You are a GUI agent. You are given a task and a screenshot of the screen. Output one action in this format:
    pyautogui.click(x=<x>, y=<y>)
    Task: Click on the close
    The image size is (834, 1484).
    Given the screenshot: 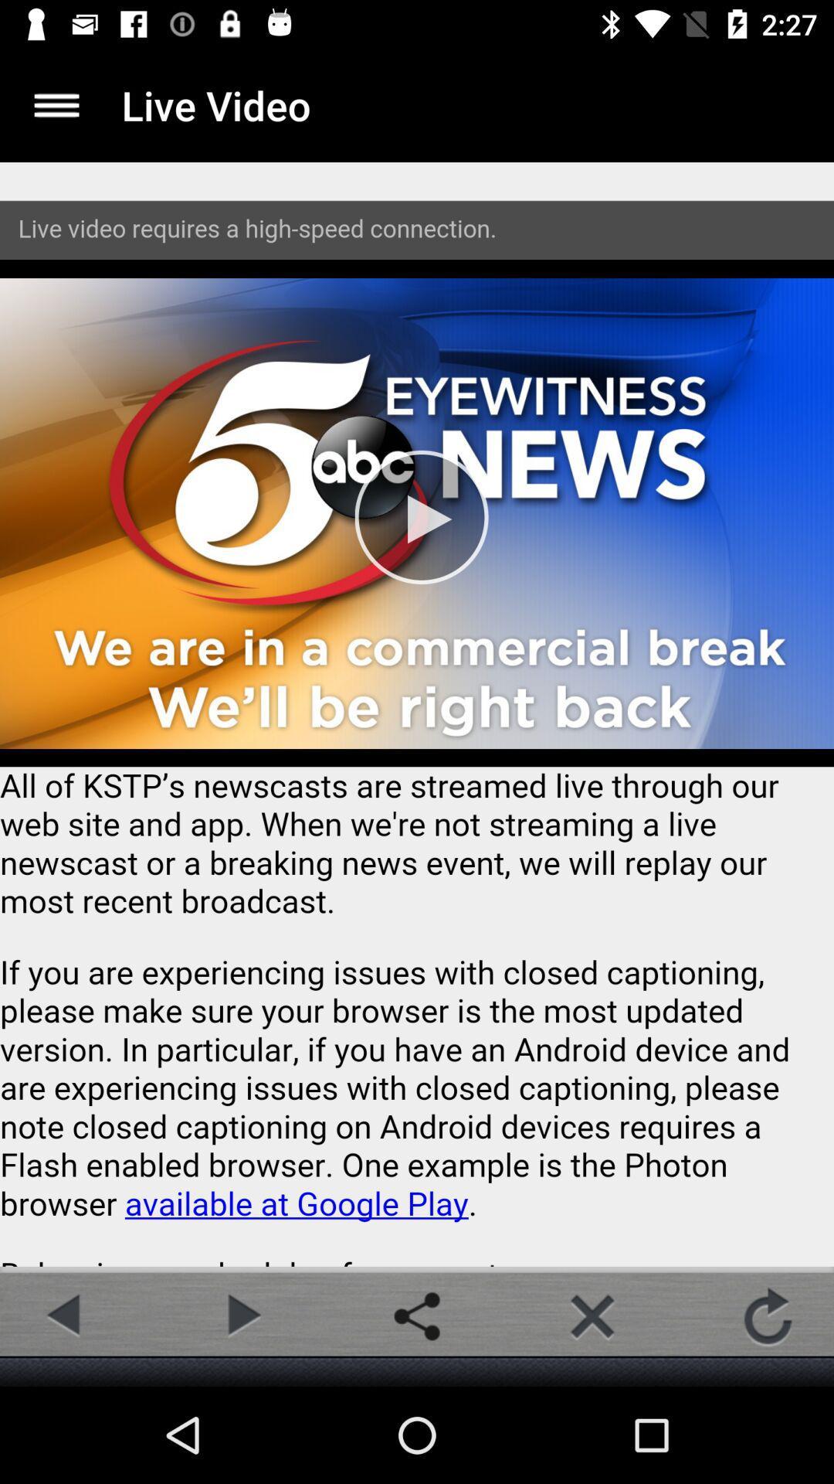 What is the action you would take?
    pyautogui.click(x=592, y=1316)
    